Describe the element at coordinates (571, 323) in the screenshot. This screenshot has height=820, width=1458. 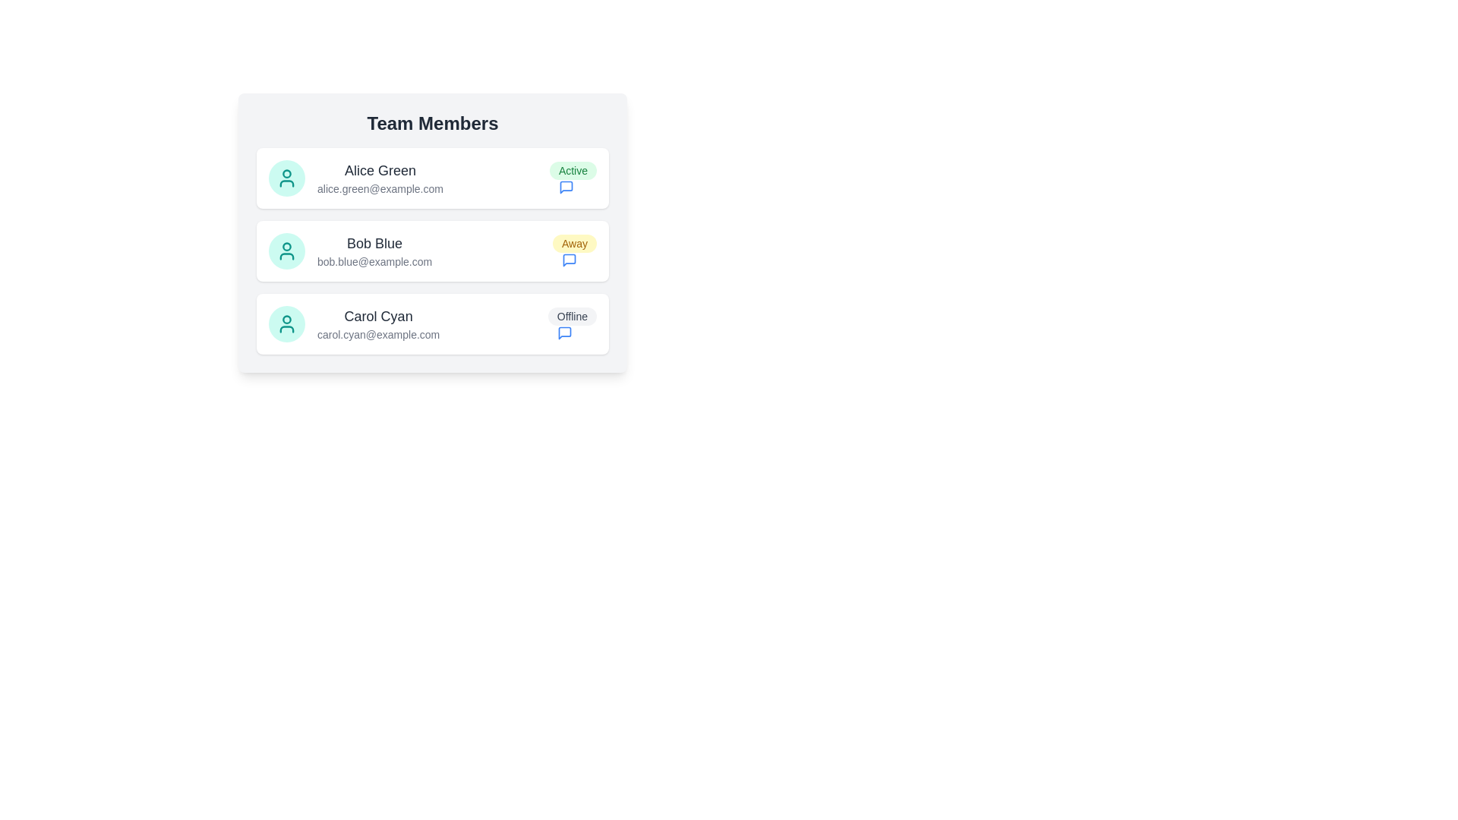
I see `the composite UI element indicating 'Offline' status and the message bubble icon for Carol Cyan` at that location.